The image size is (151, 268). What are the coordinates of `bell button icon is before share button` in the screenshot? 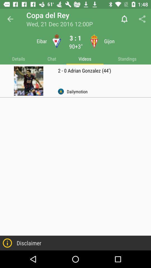 It's located at (124, 19).